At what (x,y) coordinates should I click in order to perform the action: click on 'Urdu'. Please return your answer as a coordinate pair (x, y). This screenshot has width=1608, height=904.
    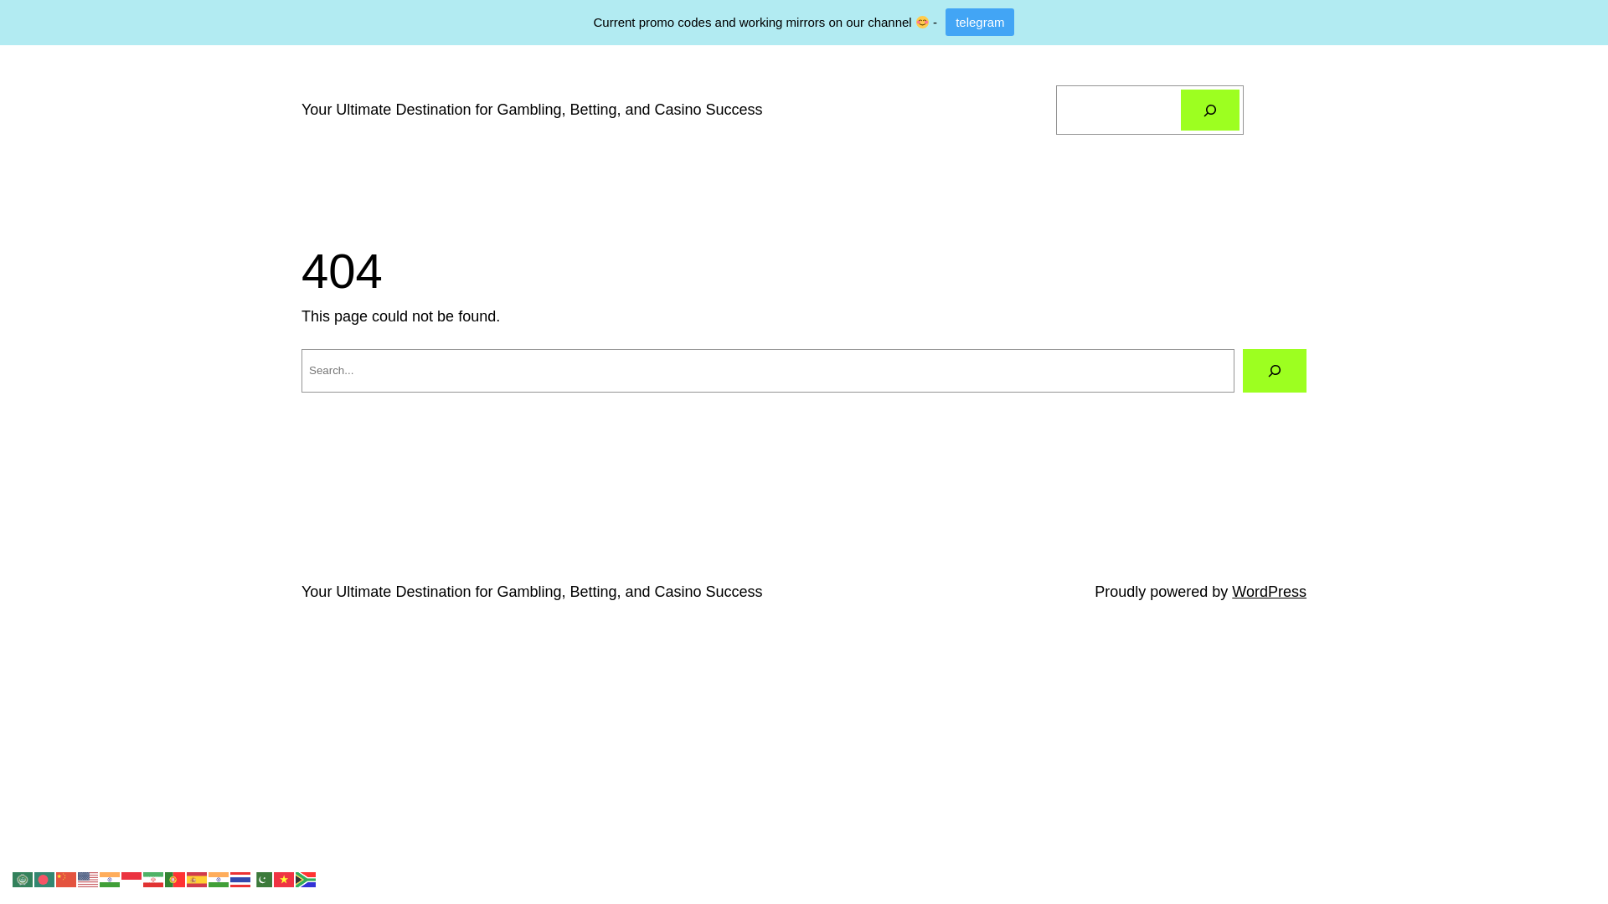
    Looking at the image, I should click on (261, 877).